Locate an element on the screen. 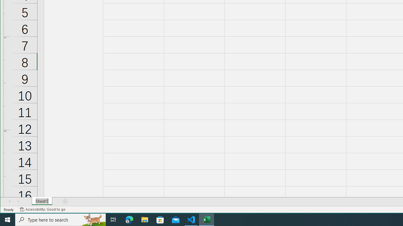  'Excel - 1 running window' is located at coordinates (207, 219).